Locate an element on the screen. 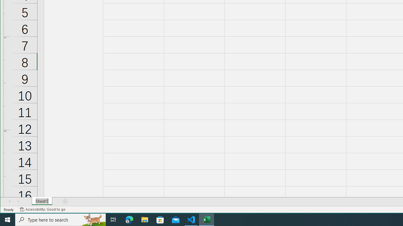  'Excel - 1 running window' is located at coordinates (207, 219).